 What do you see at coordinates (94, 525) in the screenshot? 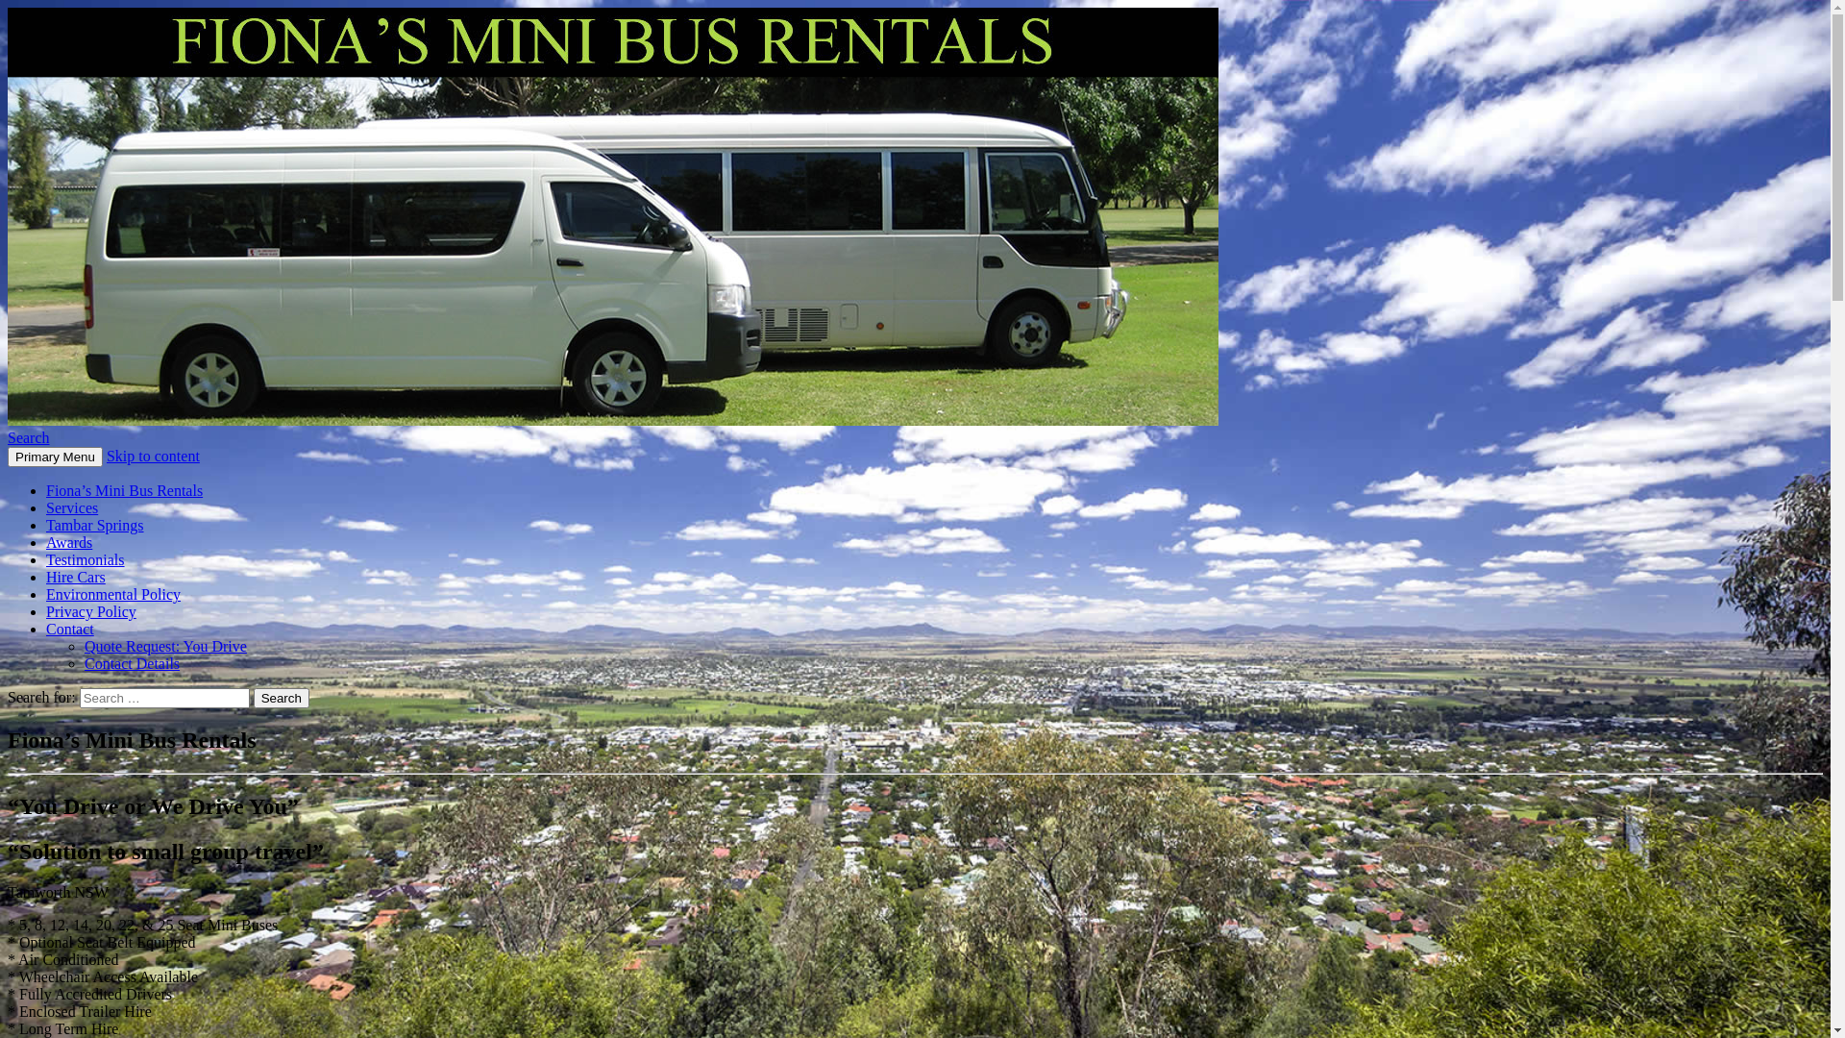
I see `'Tambar Springs'` at bounding box center [94, 525].